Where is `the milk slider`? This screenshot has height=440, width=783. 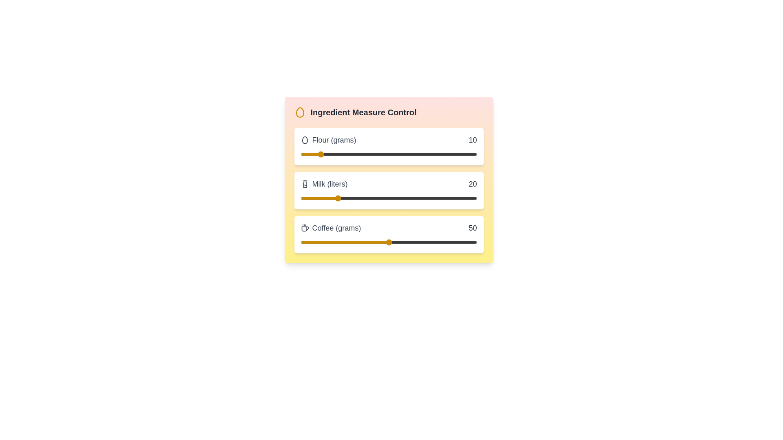
the milk slider is located at coordinates (438, 198).